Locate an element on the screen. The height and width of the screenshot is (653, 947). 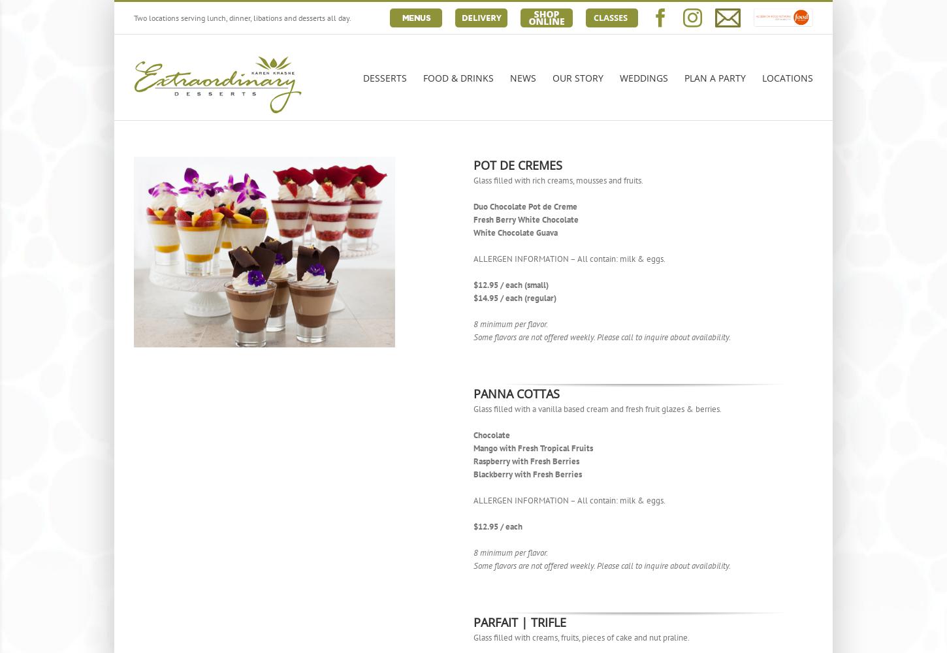
'POT DE CREMES' is located at coordinates (473, 165).